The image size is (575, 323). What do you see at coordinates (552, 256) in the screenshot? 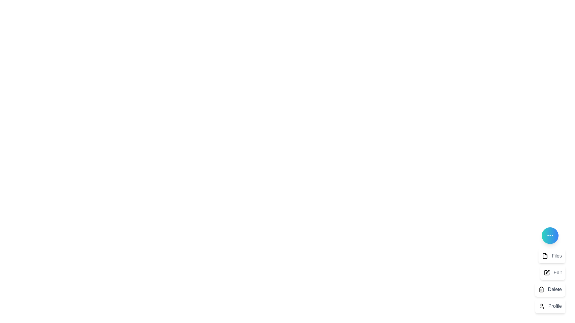
I see `the 'Files' option in the DynamicSpeedDial menu` at bounding box center [552, 256].